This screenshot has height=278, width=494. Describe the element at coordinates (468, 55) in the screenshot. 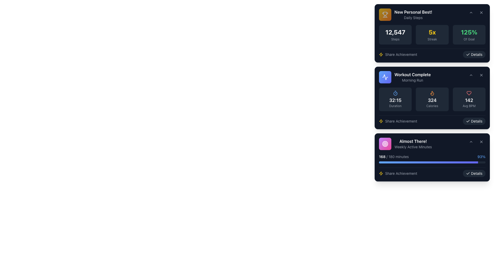

I see `the checkmark icon indicating the state of the 'Details' button, confirming that the section is active or highlighted` at that location.